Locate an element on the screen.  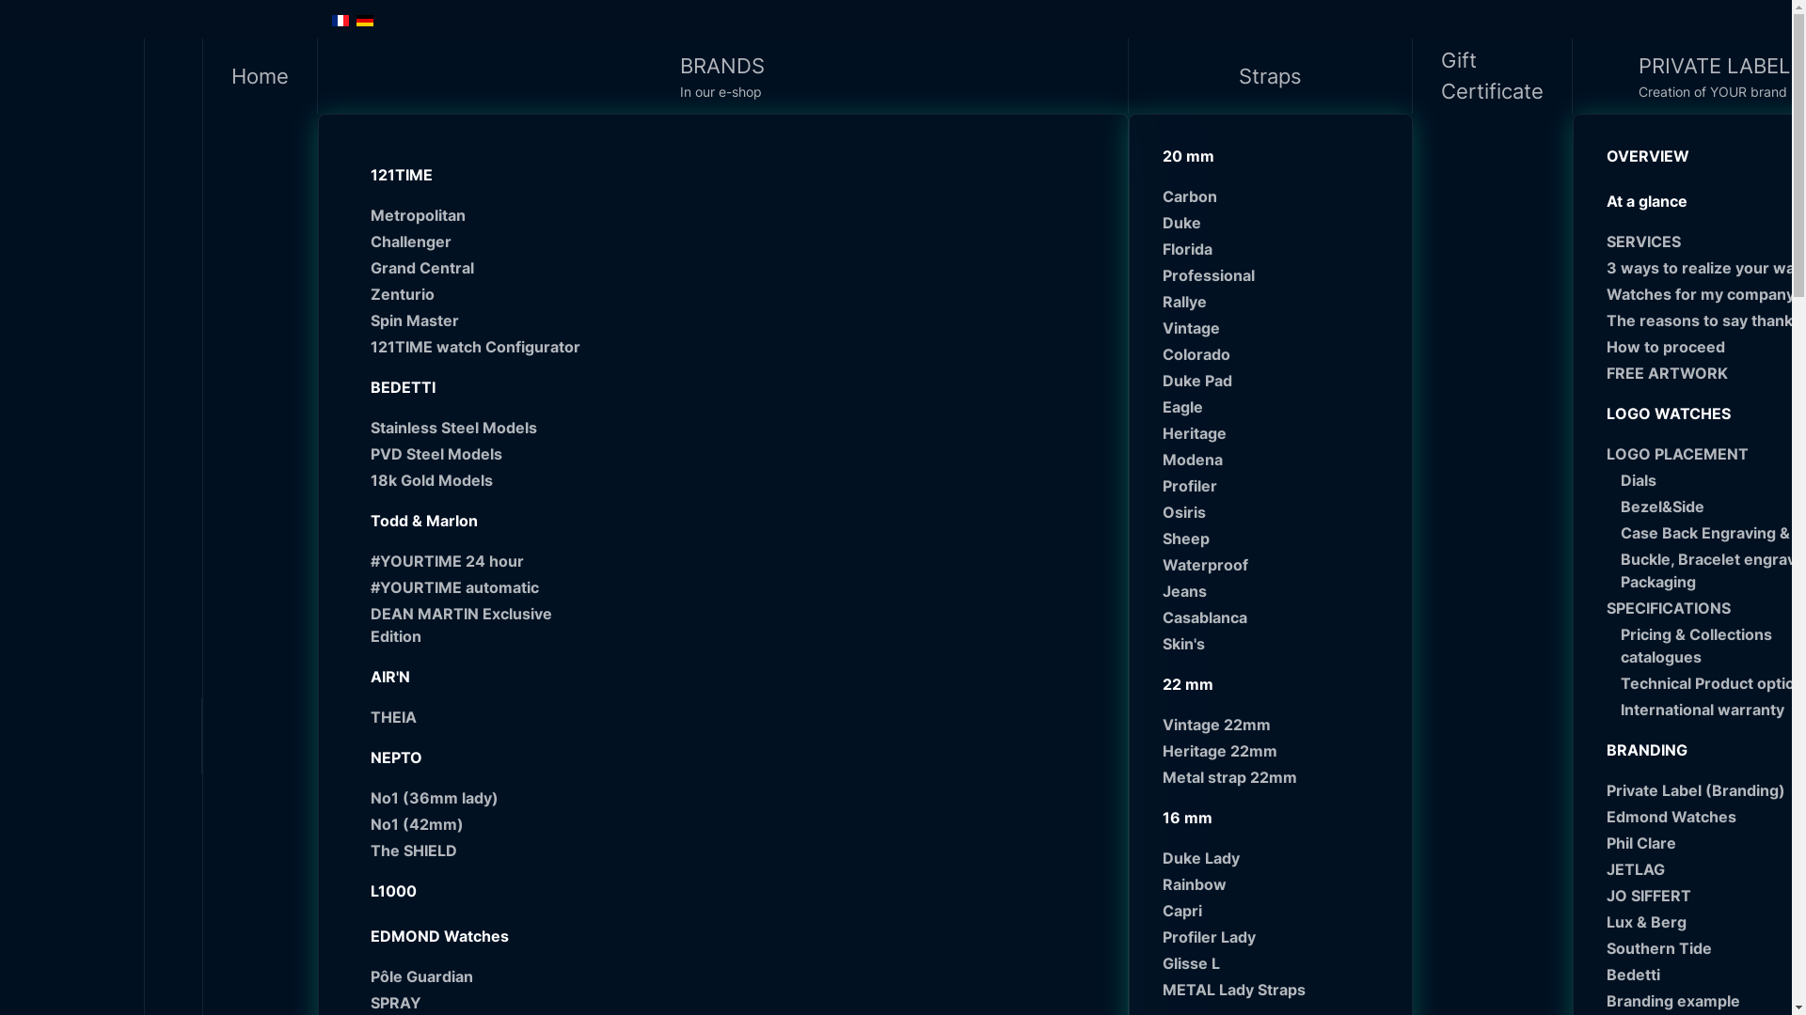
'Glisse L' is located at coordinates (1162, 963).